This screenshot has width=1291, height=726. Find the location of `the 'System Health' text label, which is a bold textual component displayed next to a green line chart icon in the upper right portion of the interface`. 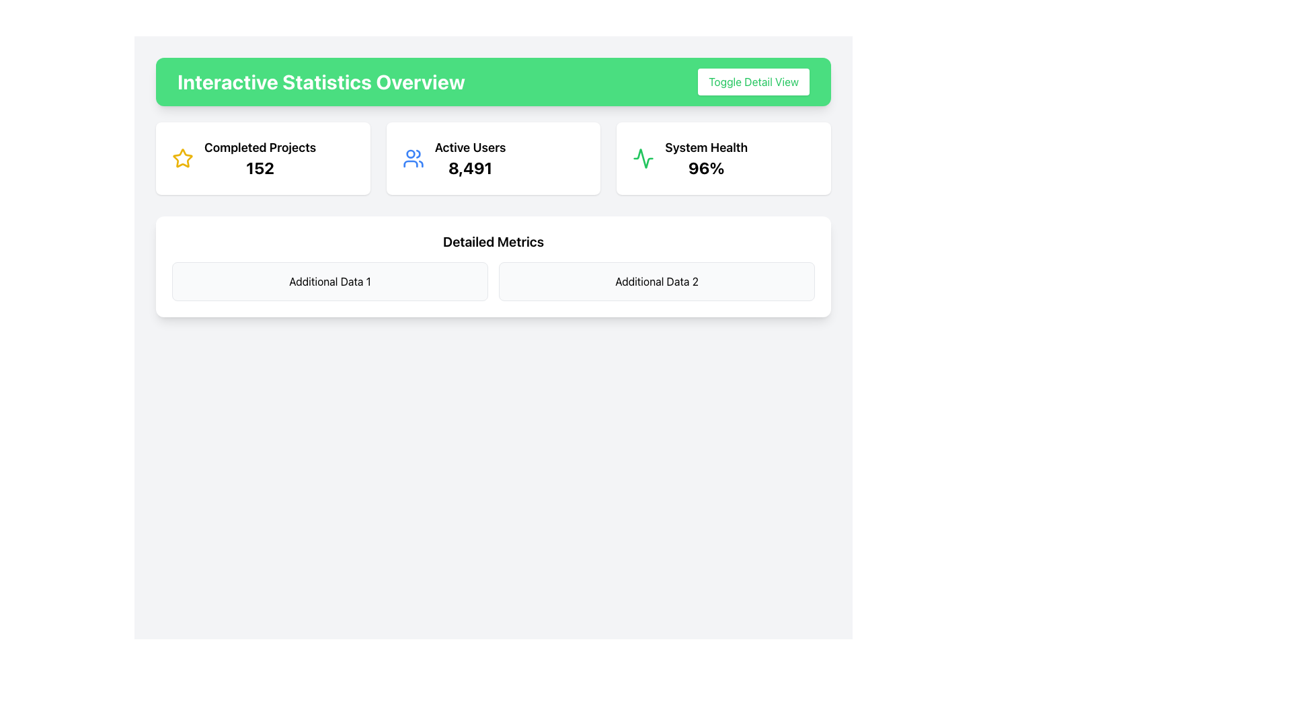

the 'System Health' text label, which is a bold textual component displayed next to a green line chart icon in the upper right portion of the interface is located at coordinates (705, 147).